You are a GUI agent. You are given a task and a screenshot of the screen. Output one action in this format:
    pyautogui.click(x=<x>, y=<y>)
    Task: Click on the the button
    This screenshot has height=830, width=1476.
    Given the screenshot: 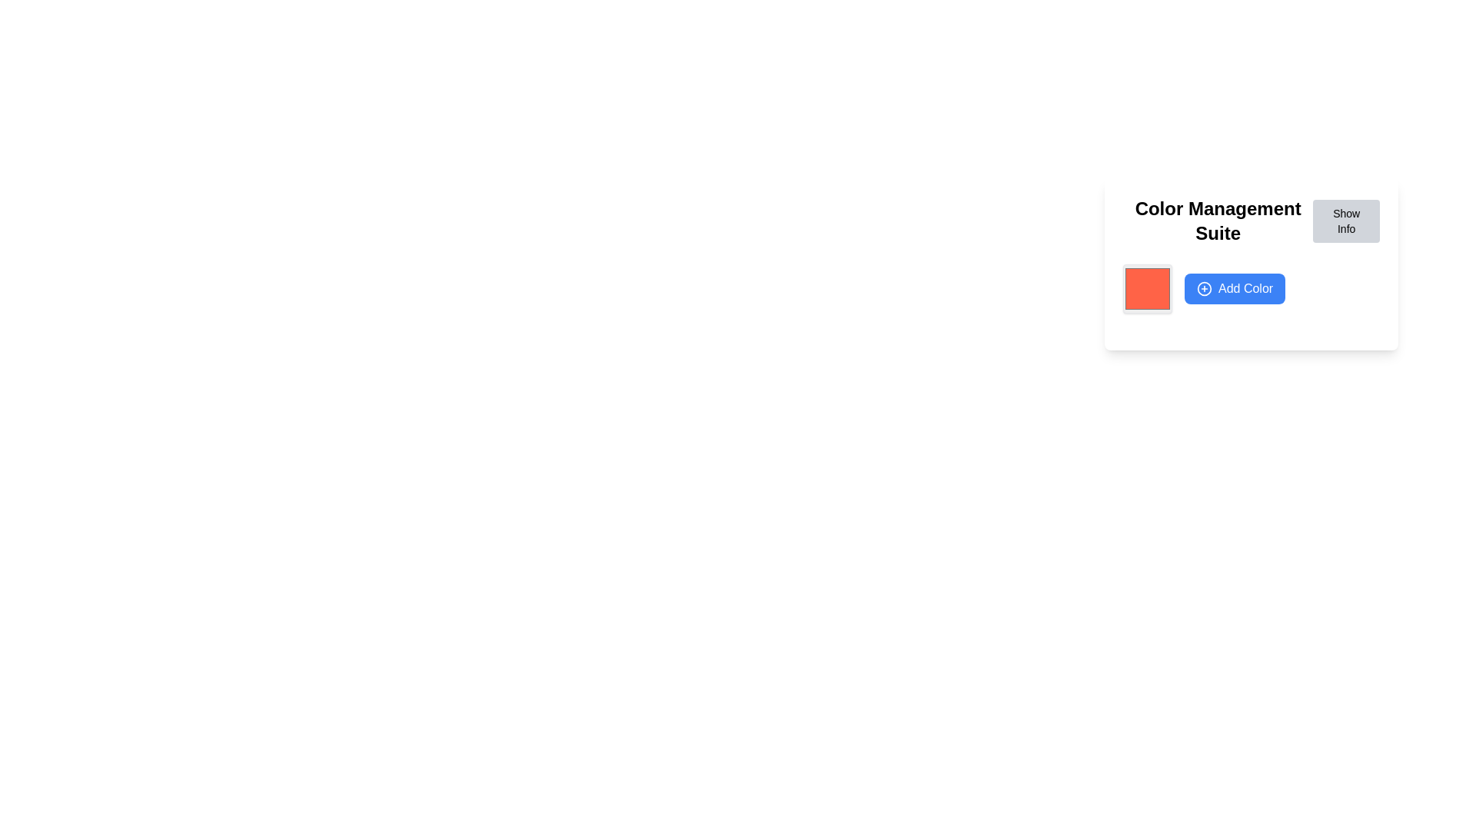 What is the action you would take?
    pyautogui.click(x=1235, y=288)
    